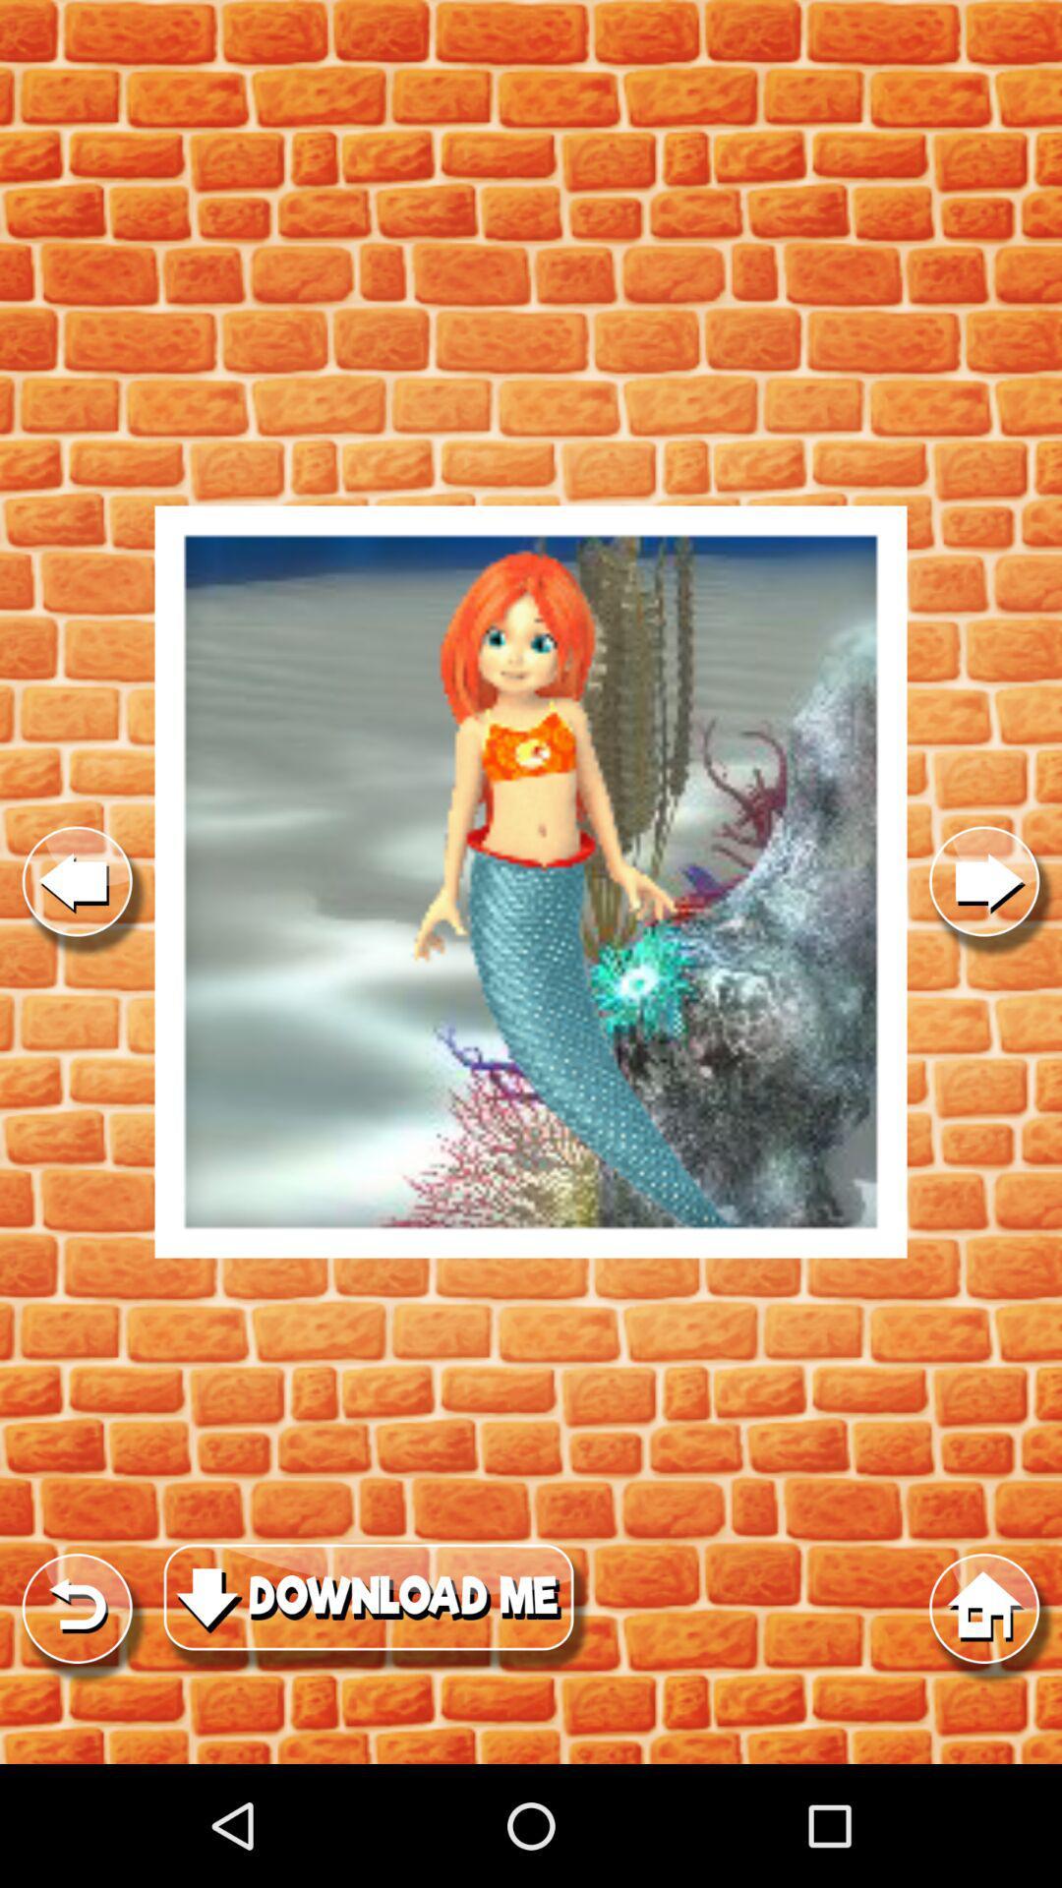  What do you see at coordinates (984, 1721) in the screenshot?
I see `the home icon` at bounding box center [984, 1721].